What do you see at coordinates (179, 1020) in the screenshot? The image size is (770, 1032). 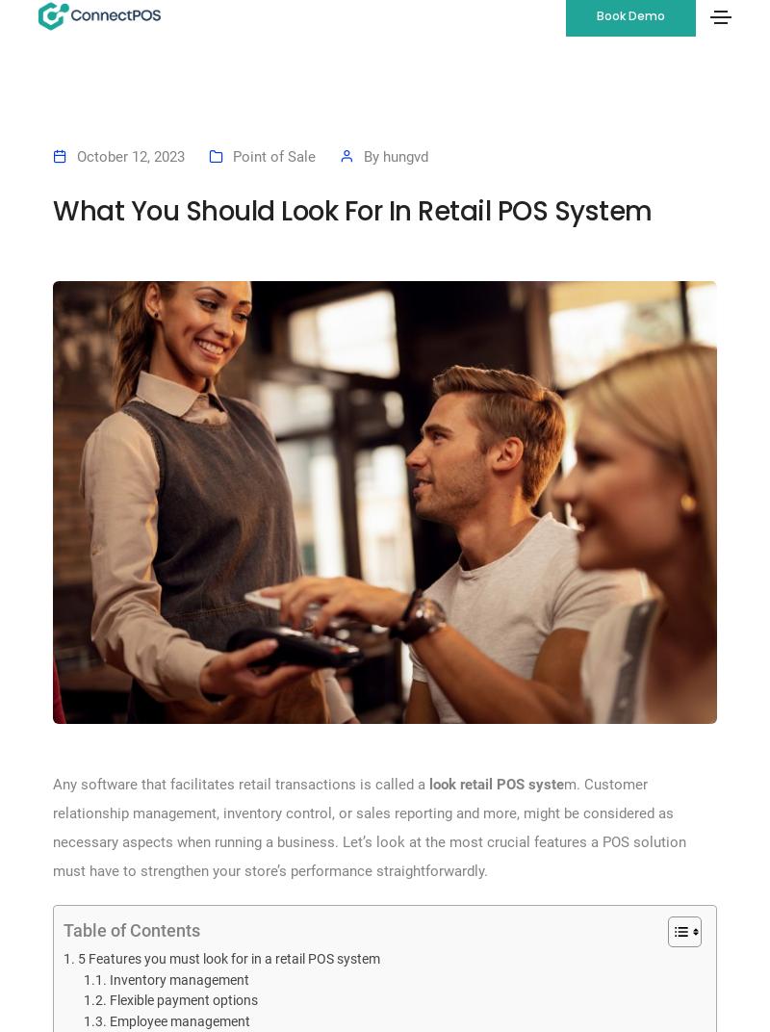 I see `'Employee management'` at bounding box center [179, 1020].